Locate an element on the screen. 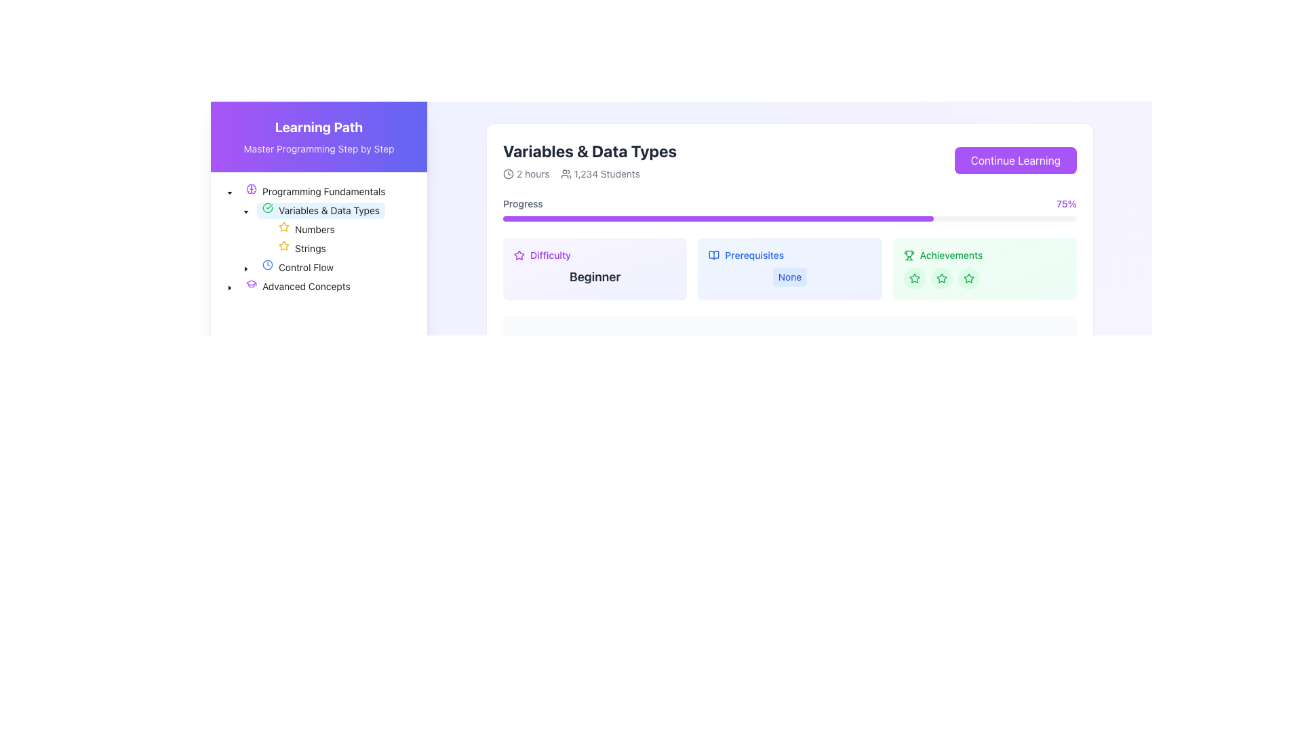  the leftmost star icon is located at coordinates (940, 277).